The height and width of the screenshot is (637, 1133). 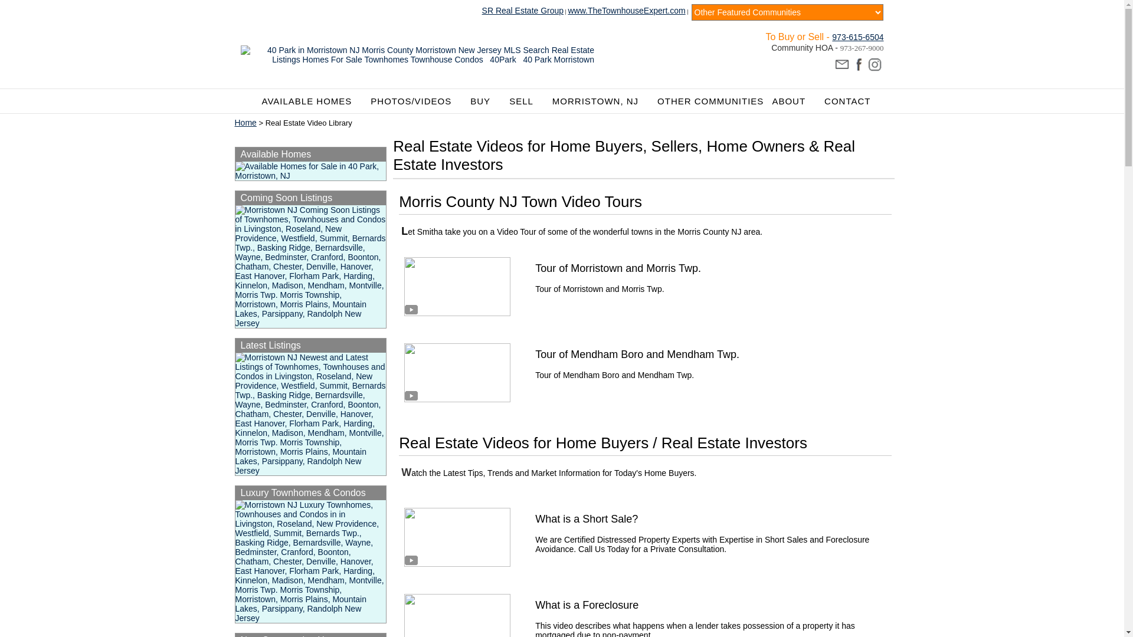 I want to click on 'OTHER COMMUNITIES', so click(x=710, y=100).